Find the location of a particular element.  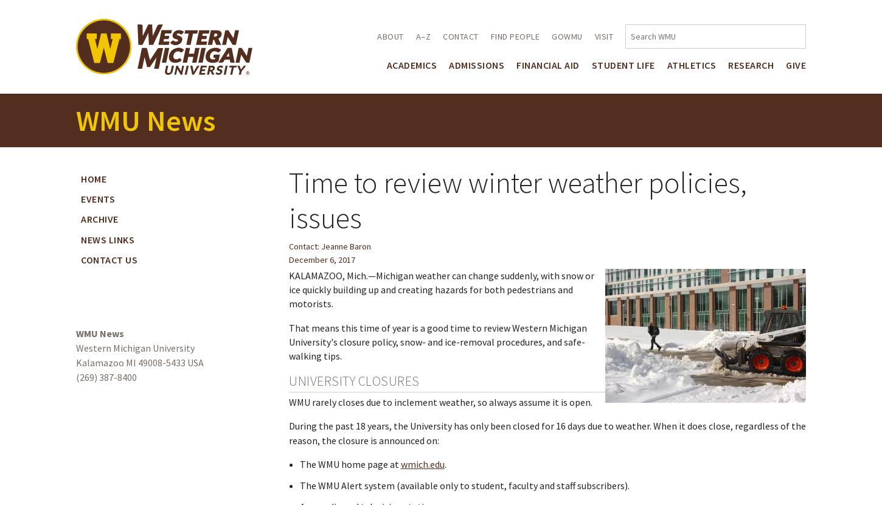

'The WMU home page at' is located at coordinates (350, 464).